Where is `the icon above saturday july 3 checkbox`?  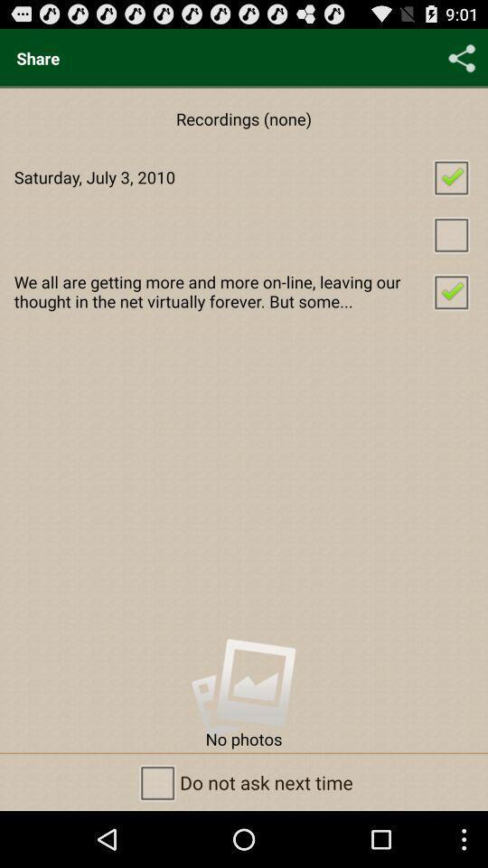
the icon above saturday july 3 checkbox is located at coordinates (462, 58).